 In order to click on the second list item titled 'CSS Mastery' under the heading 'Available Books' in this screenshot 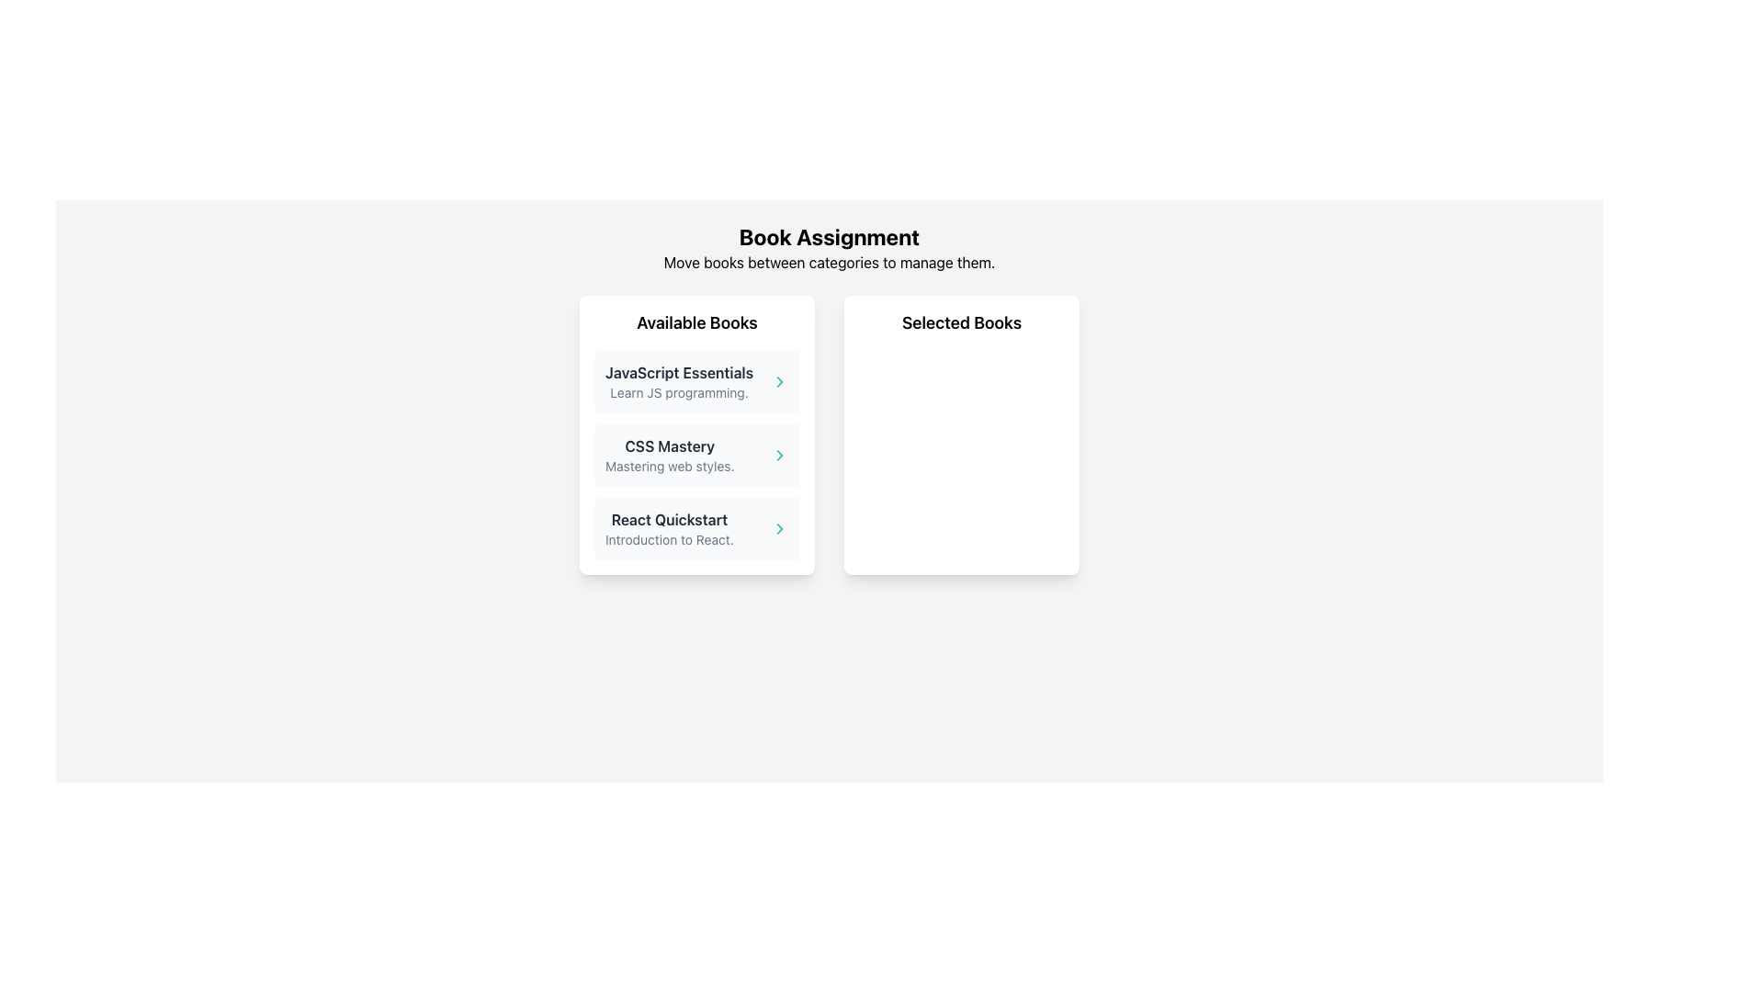, I will do `click(695, 455)`.